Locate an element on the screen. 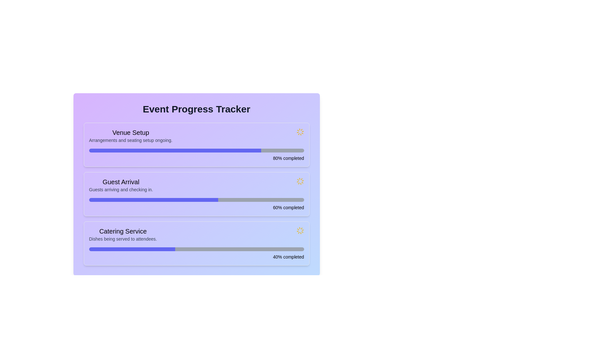 The width and height of the screenshot is (616, 346). the visual fill of the progress bar indicating 40% completion, which is styled in gray with a blue segment, located within the 'Catering Service' card under 'Dishes being served to attendees.' is located at coordinates (196, 249).